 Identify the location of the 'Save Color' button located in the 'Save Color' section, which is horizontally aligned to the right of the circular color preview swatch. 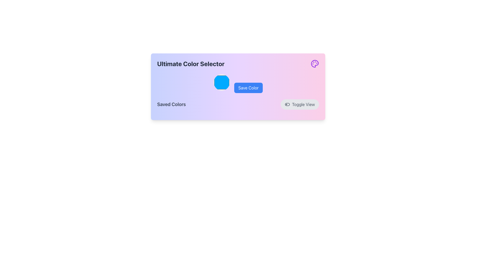
(238, 83).